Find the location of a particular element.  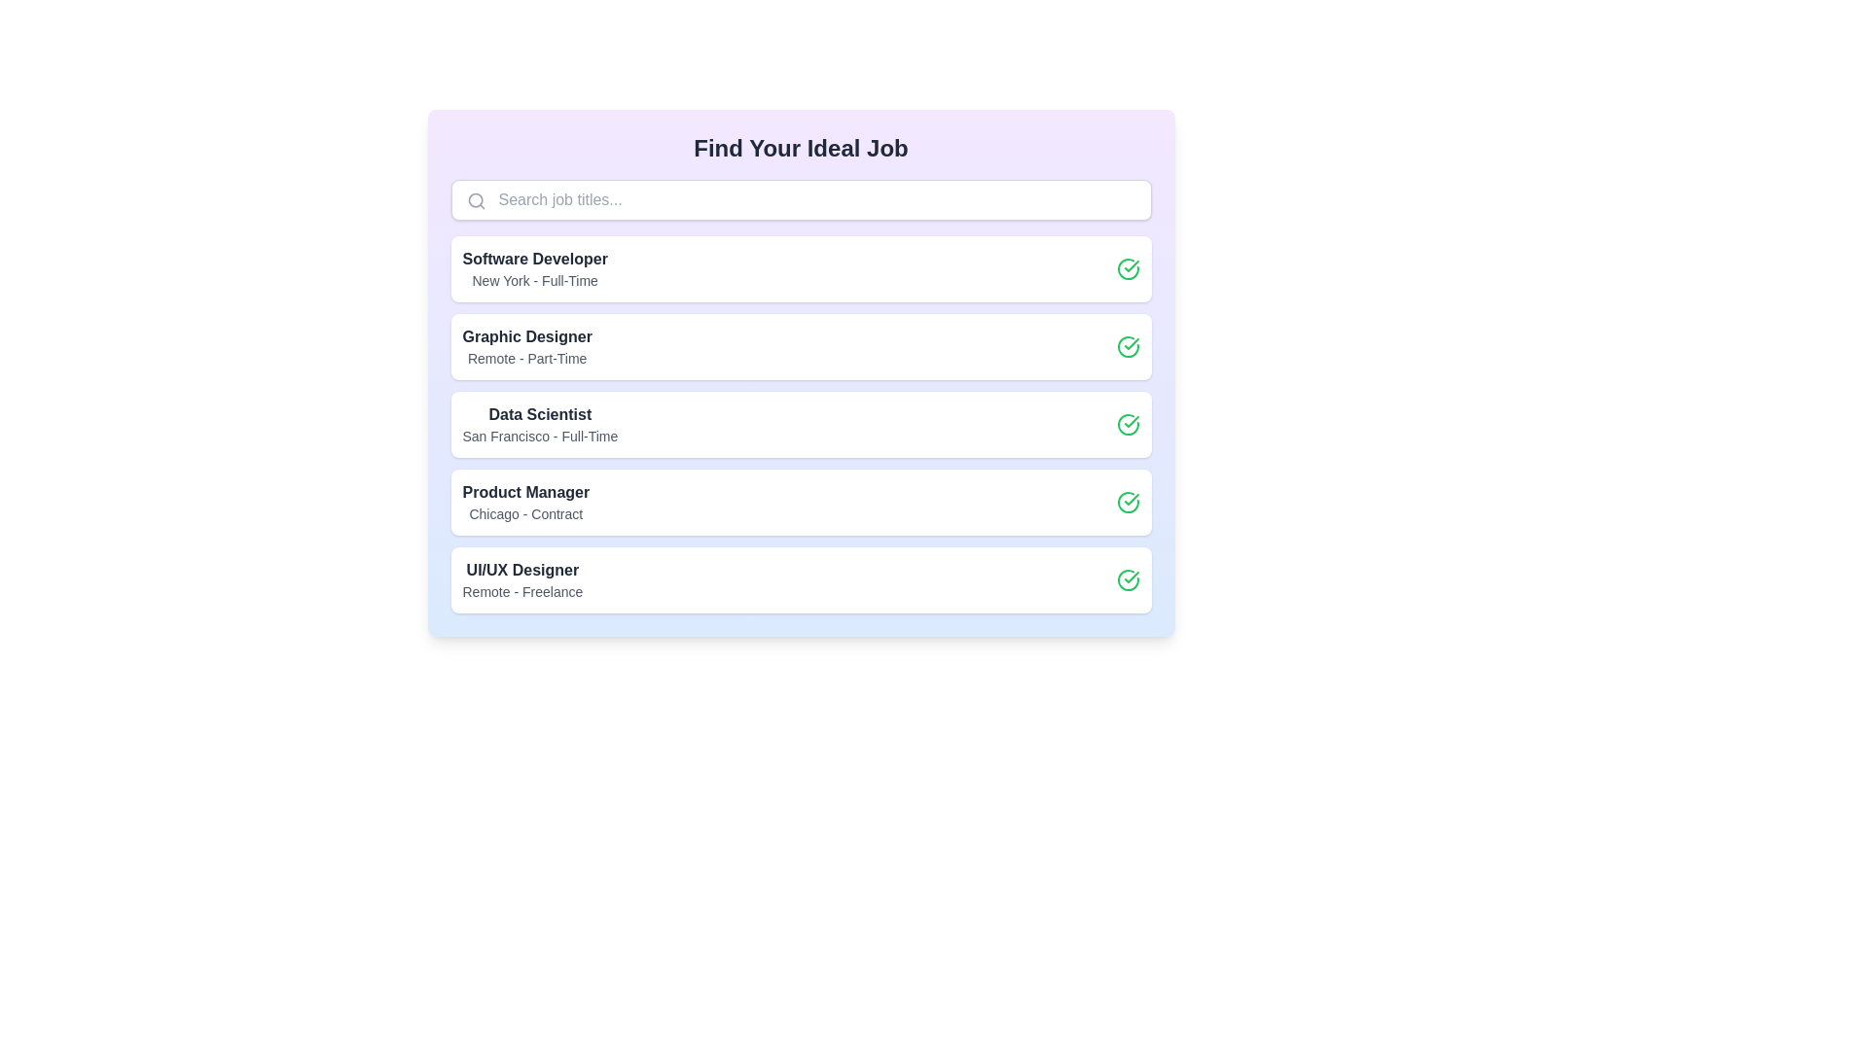

the green circular icon with a checkmark, located at the far right of the list item for 'UI/UX Designer' and 'Remote - Freelance' is located at coordinates (1128, 579).